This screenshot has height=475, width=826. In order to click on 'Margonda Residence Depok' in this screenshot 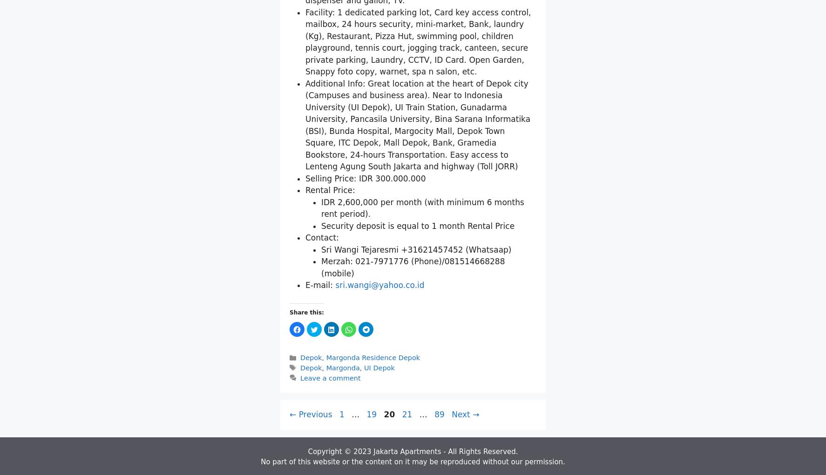, I will do `click(372, 466)`.